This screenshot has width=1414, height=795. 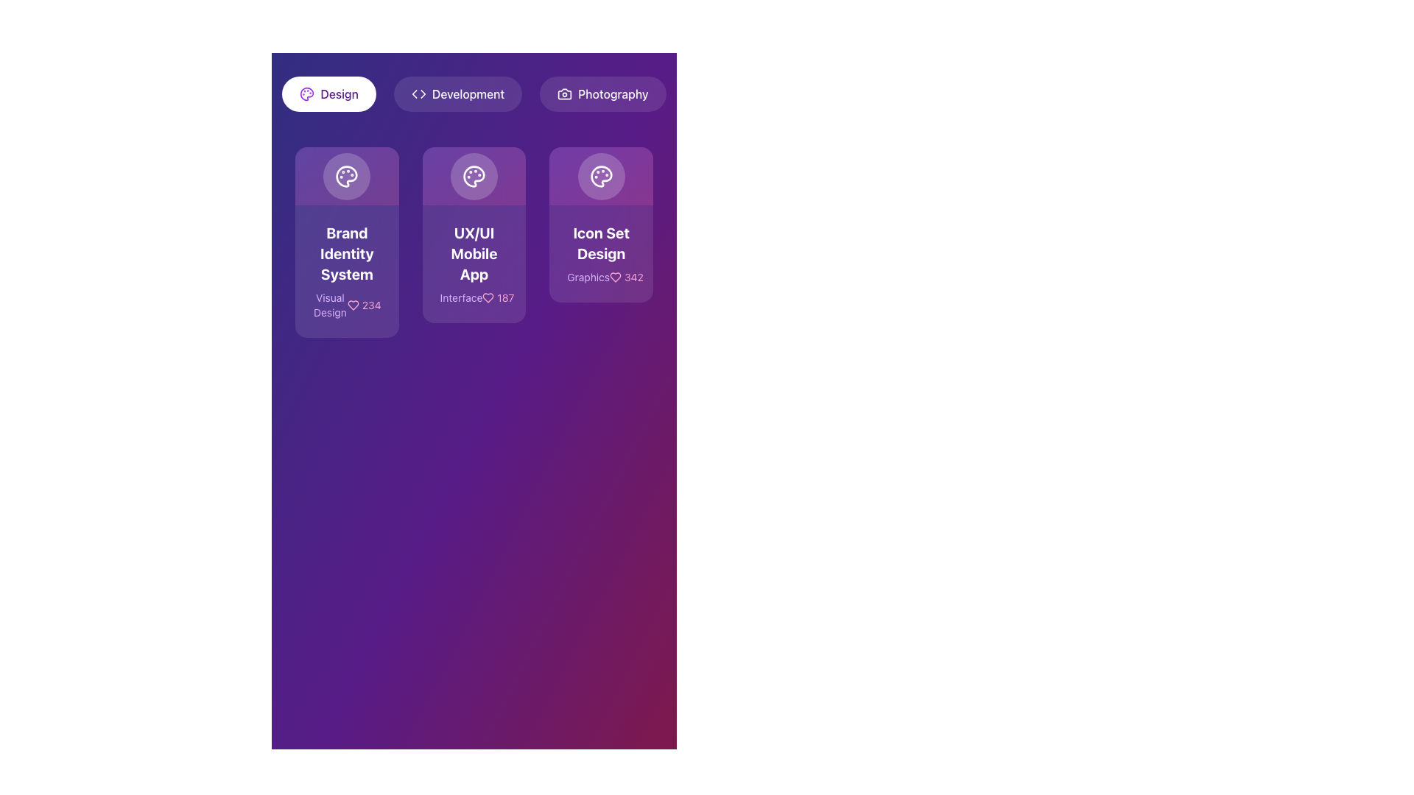 What do you see at coordinates (371, 305) in the screenshot?
I see `the text label displaying the number '234', which is styled in pink and positioned next to a heart icon, located on the lower part of the first card in a horizontal layout` at bounding box center [371, 305].